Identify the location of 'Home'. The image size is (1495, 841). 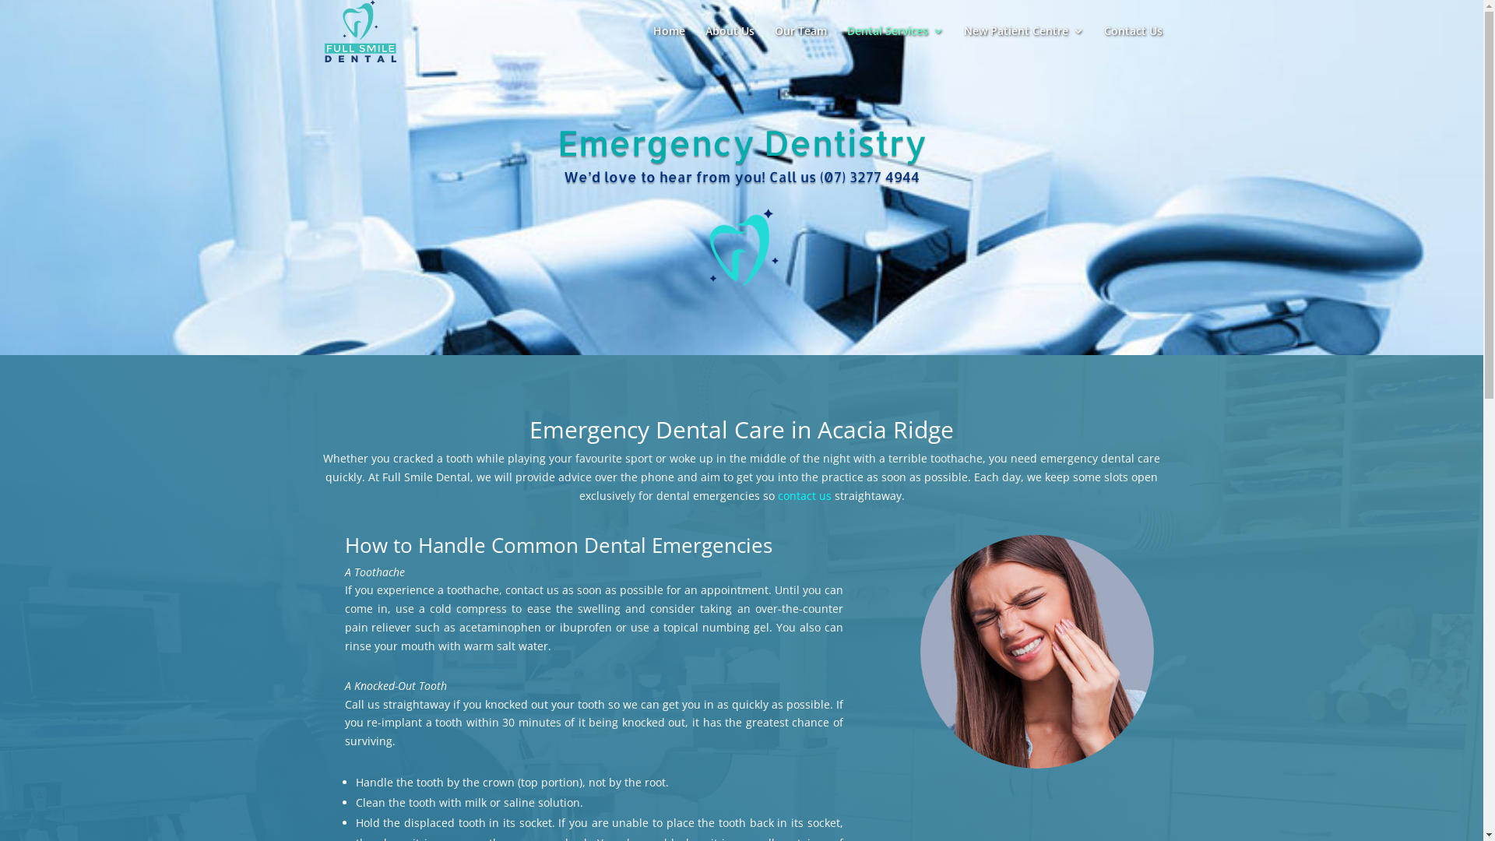
(668, 43).